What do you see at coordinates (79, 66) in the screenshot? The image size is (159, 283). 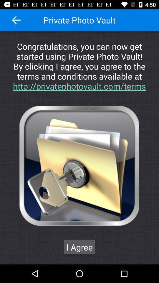 I see `the congratulations you can item` at bounding box center [79, 66].